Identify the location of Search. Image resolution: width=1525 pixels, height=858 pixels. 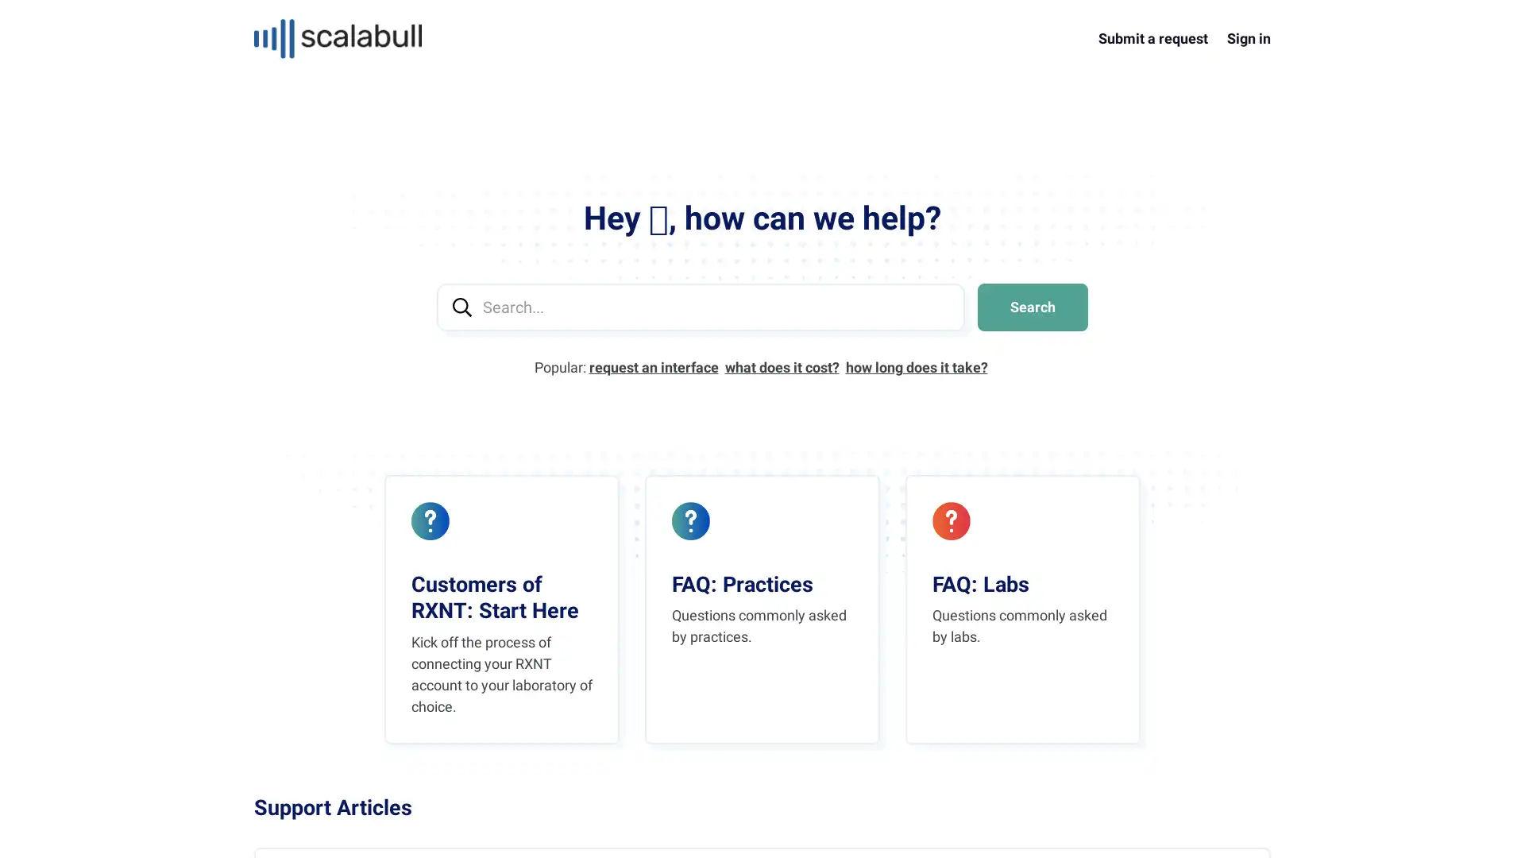
(1033, 306).